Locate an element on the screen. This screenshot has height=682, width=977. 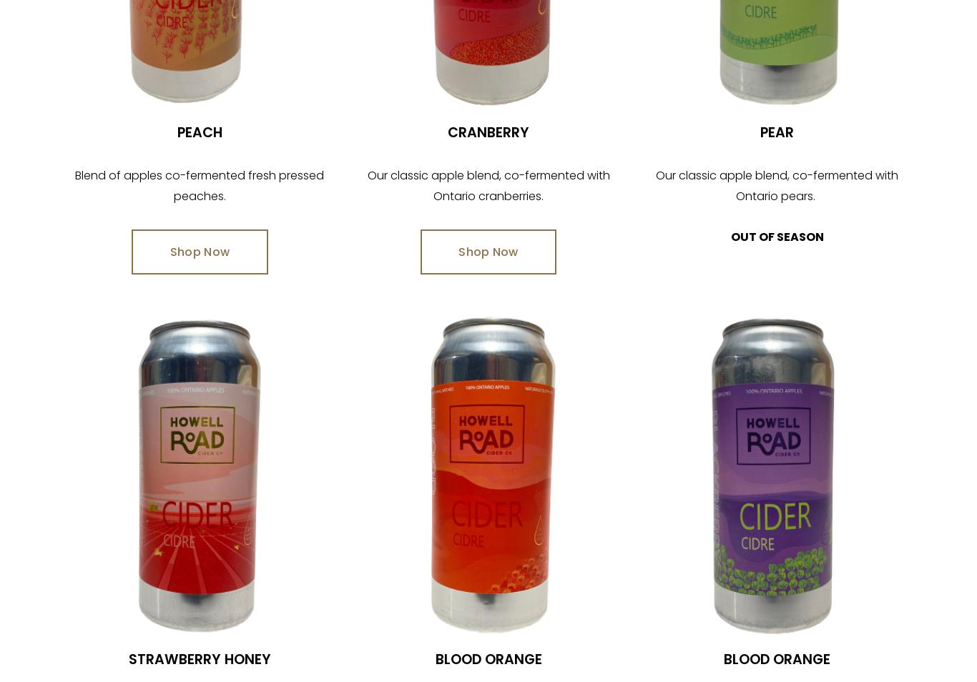
'PEACH' is located at coordinates (199, 132).